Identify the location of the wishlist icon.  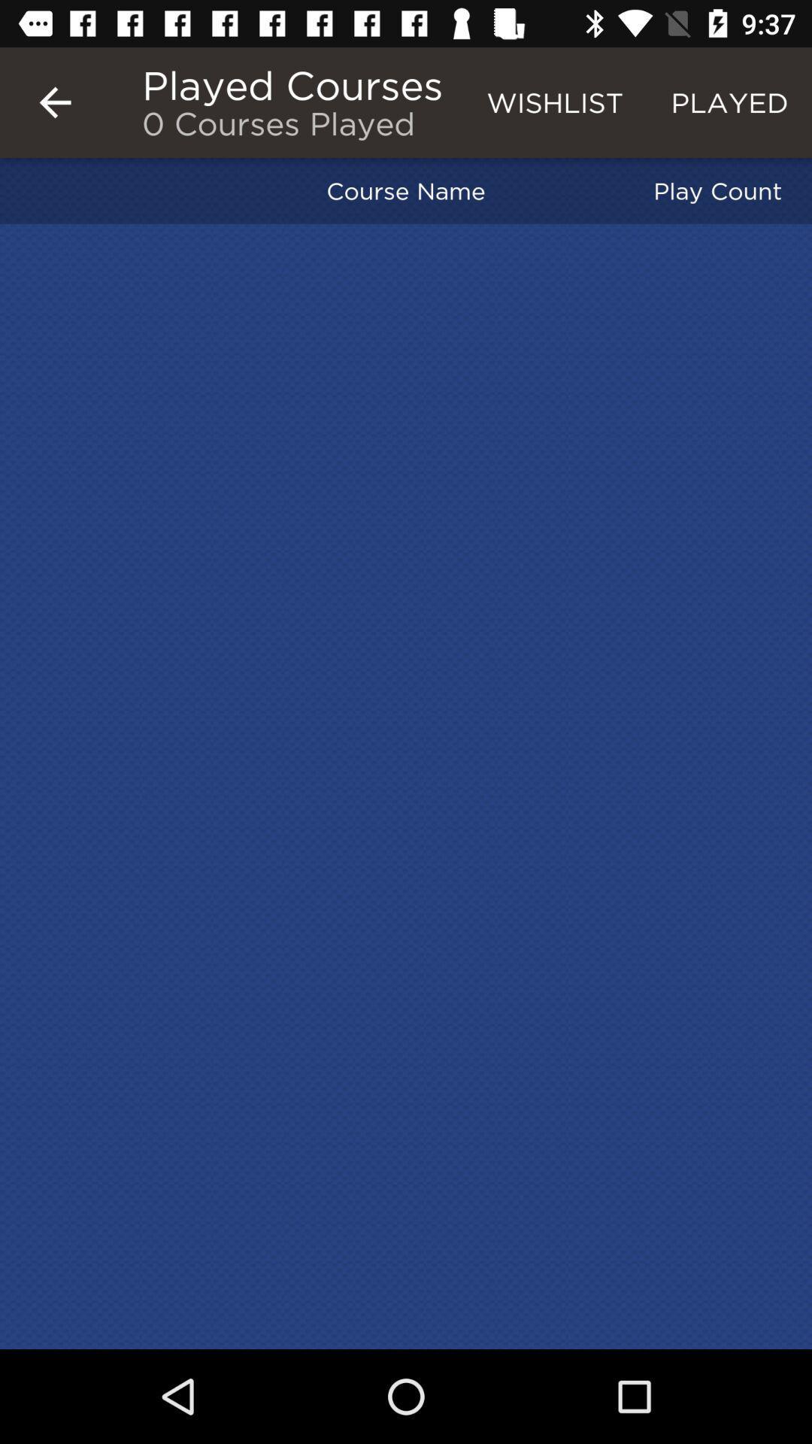
(555, 102).